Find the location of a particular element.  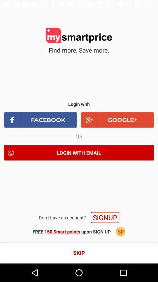

the signup is located at coordinates (105, 217).